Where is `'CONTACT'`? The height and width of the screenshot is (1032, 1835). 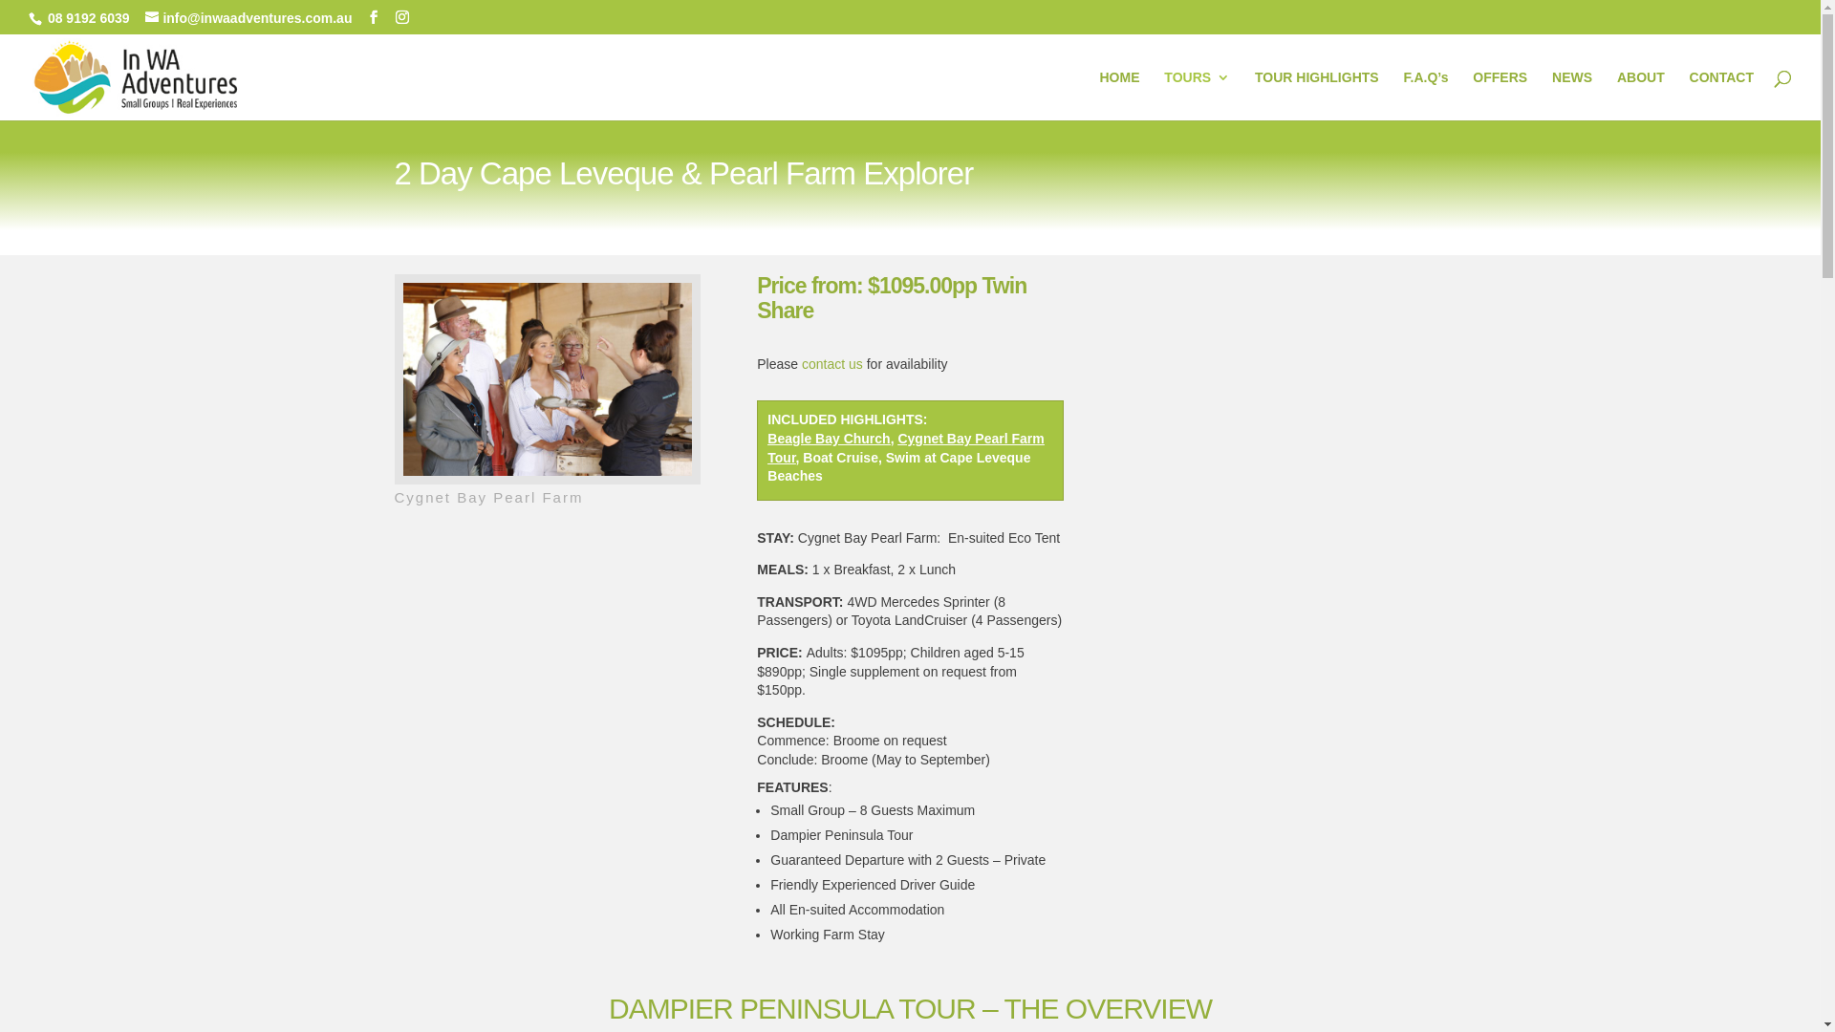 'CONTACT' is located at coordinates (1721, 96).